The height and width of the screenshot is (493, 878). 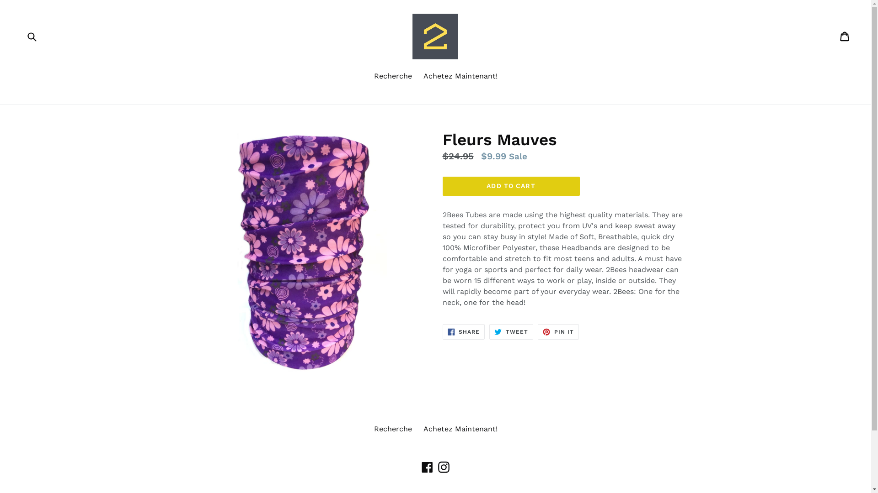 What do you see at coordinates (557, 331) in the screenshot?
I see `'PIN IT` at bounding box center [557, 331].